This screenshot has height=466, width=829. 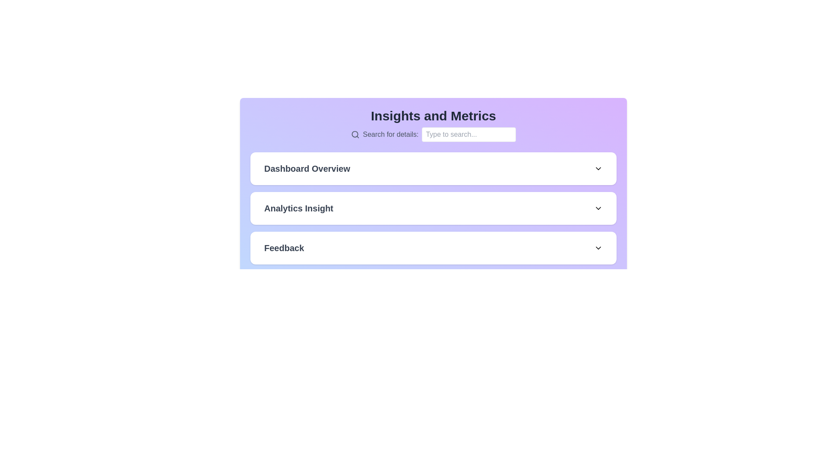 I want to click on the Text Input Field used for searching details, which is located to the right of the label 'Search for details:', so click(x=468, y=135).